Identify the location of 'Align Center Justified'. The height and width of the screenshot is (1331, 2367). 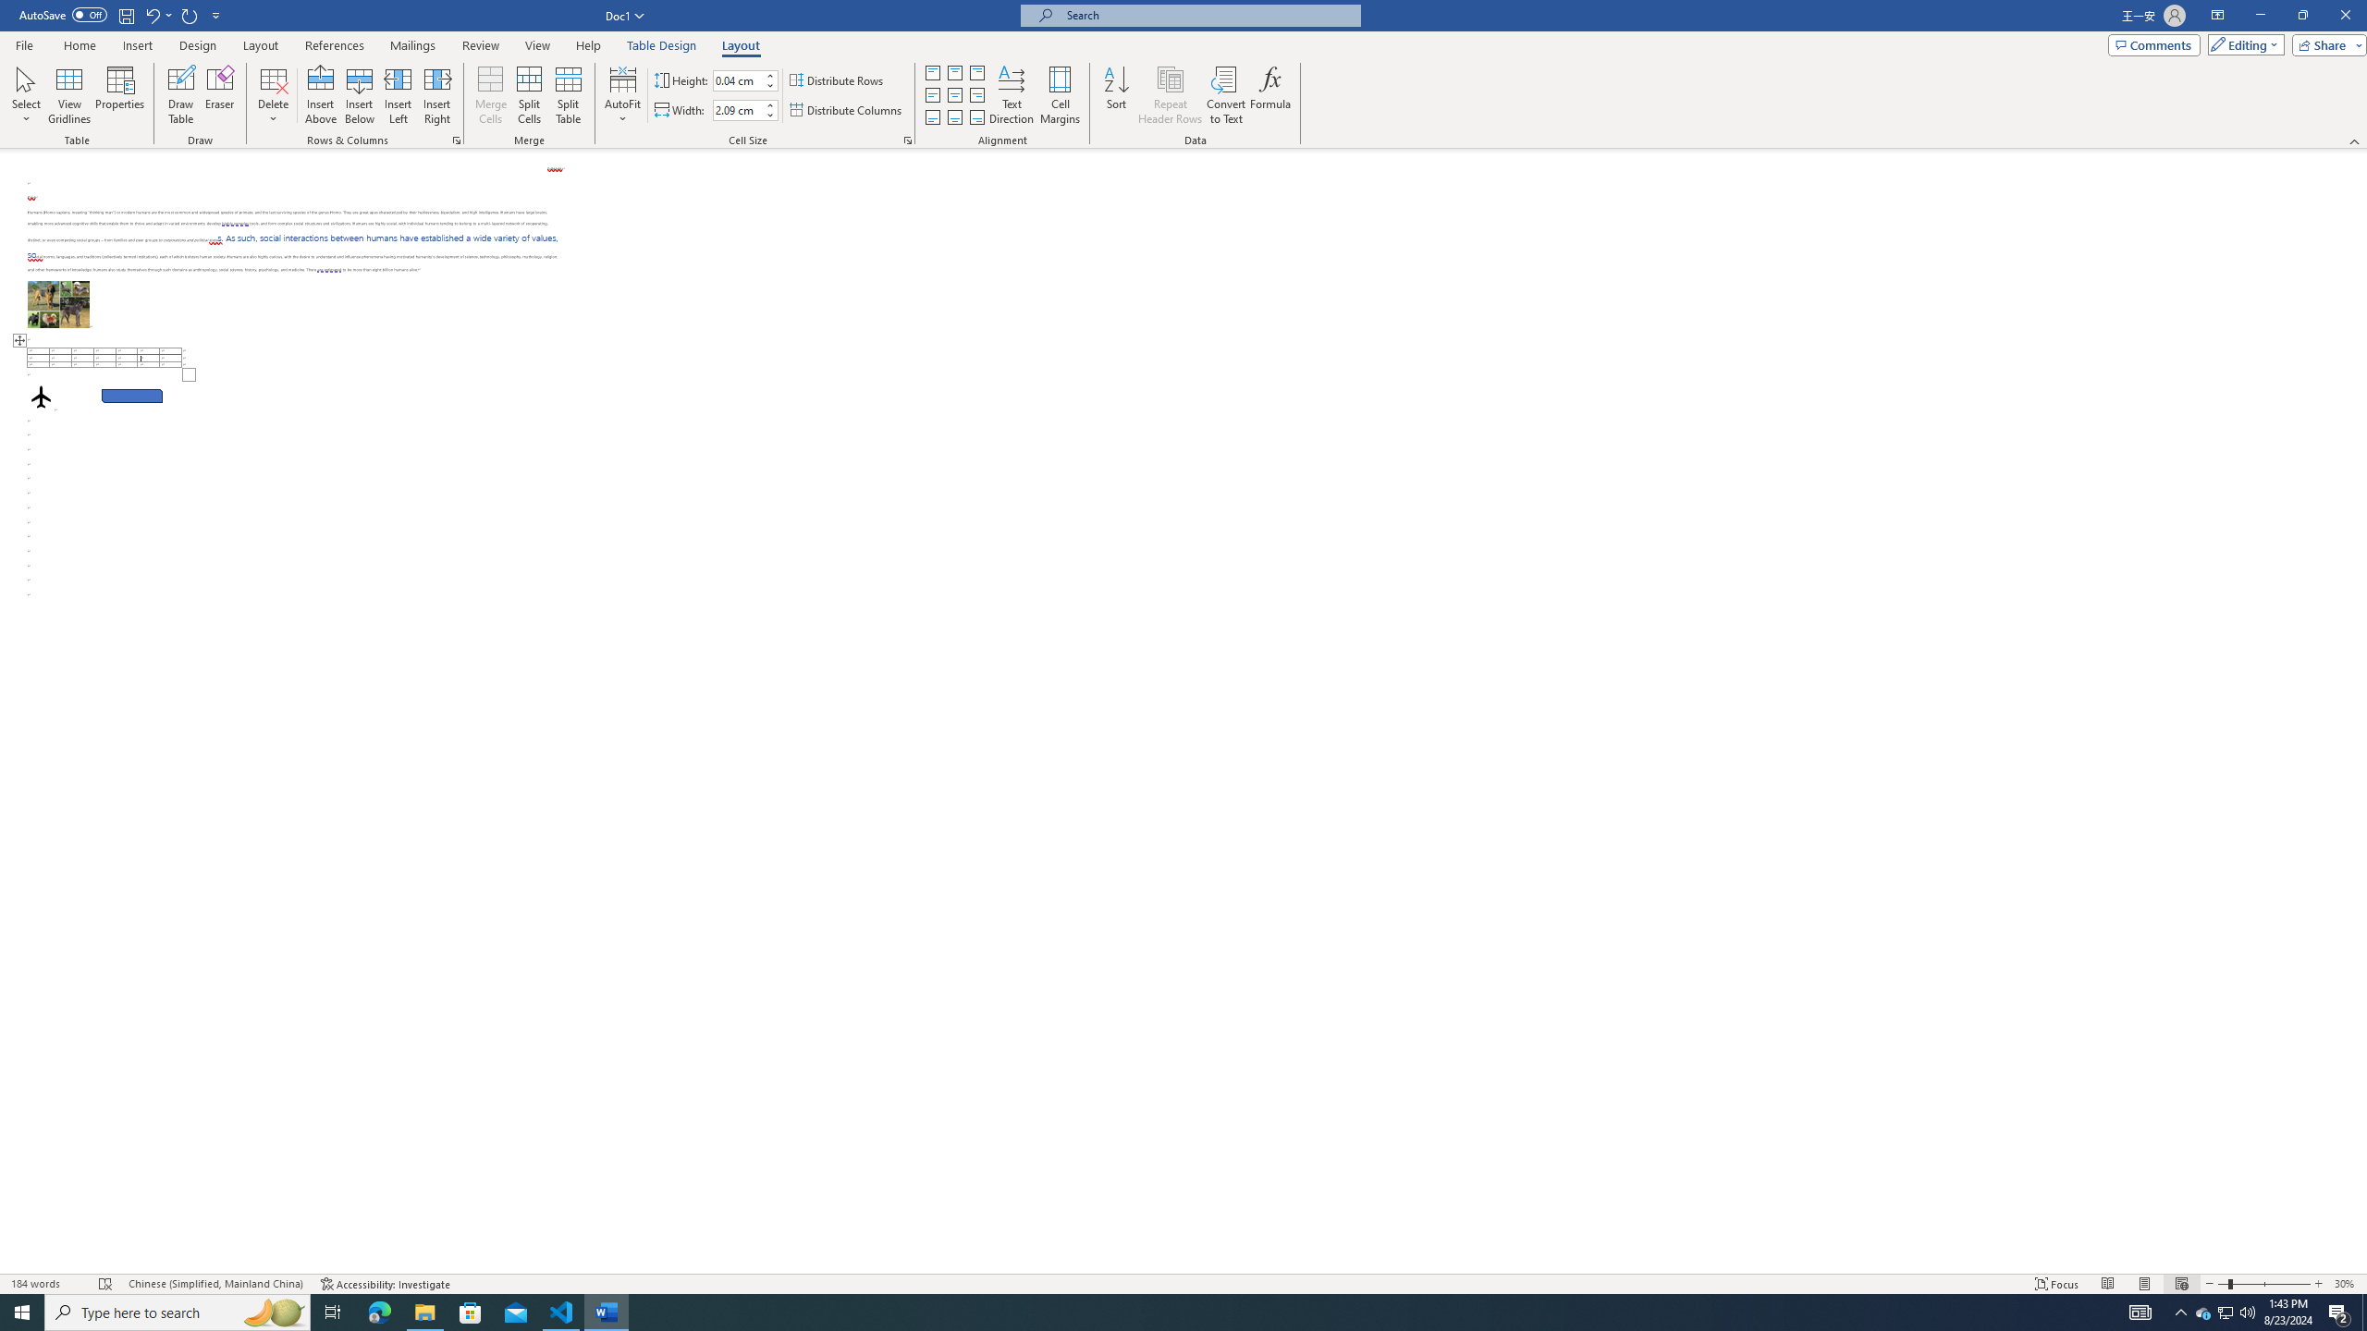
(931, 95).